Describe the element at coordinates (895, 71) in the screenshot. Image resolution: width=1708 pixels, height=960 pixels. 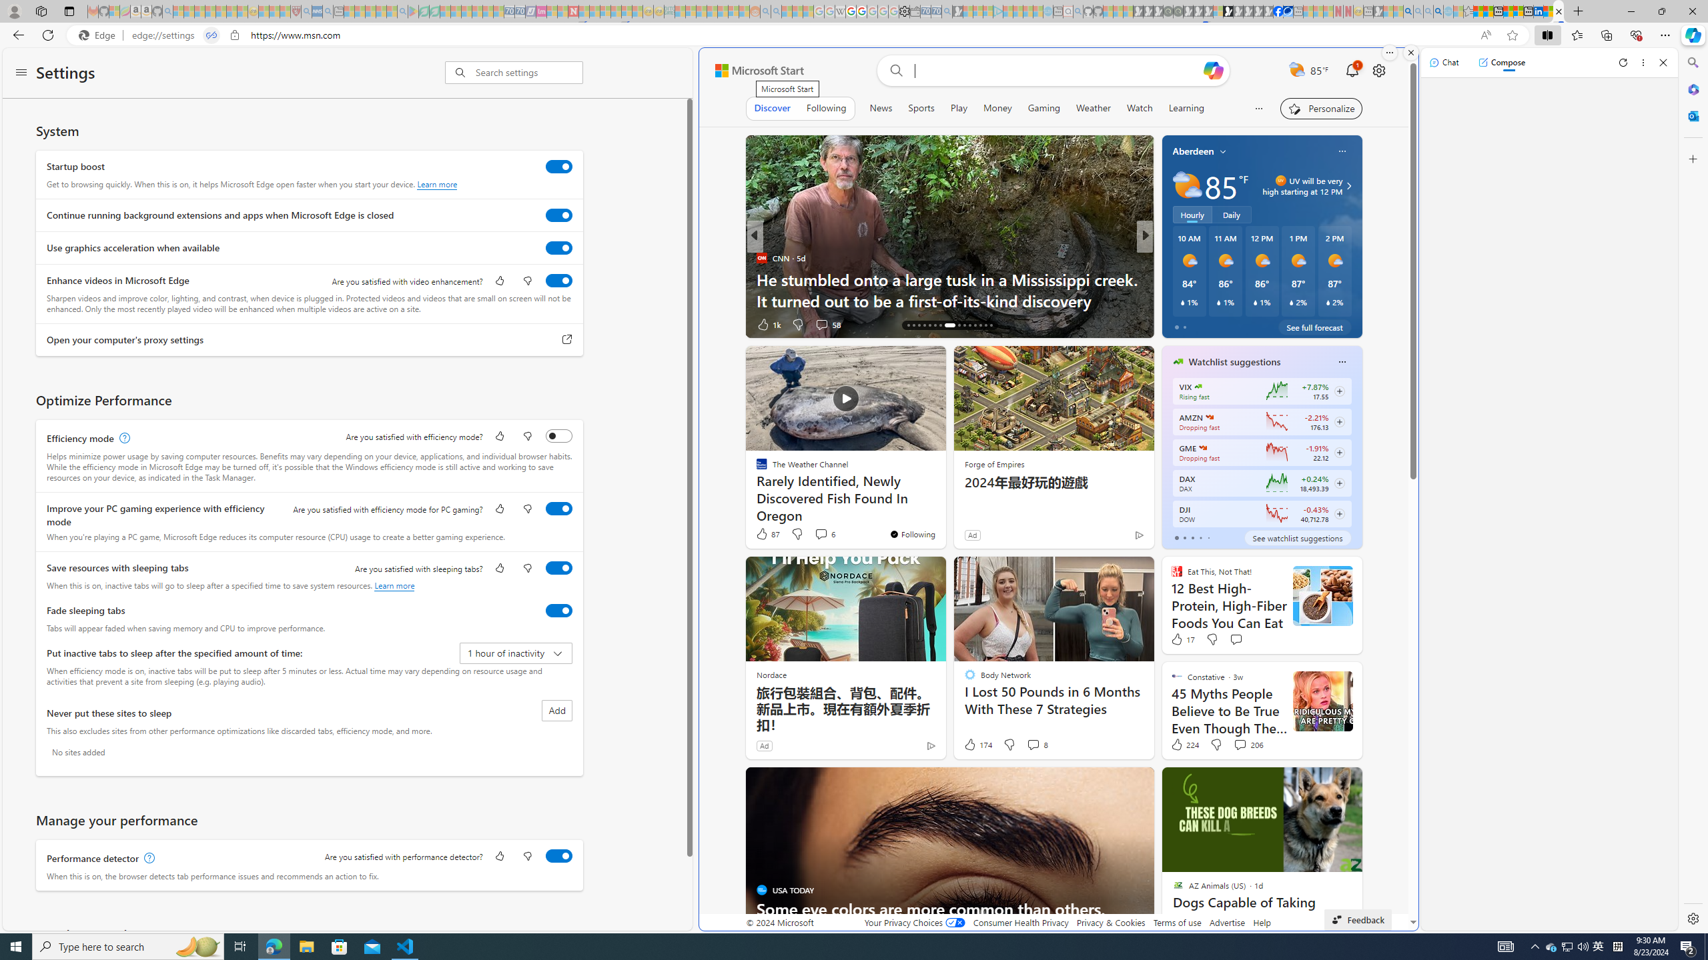
I see `'Web search'` at that location.